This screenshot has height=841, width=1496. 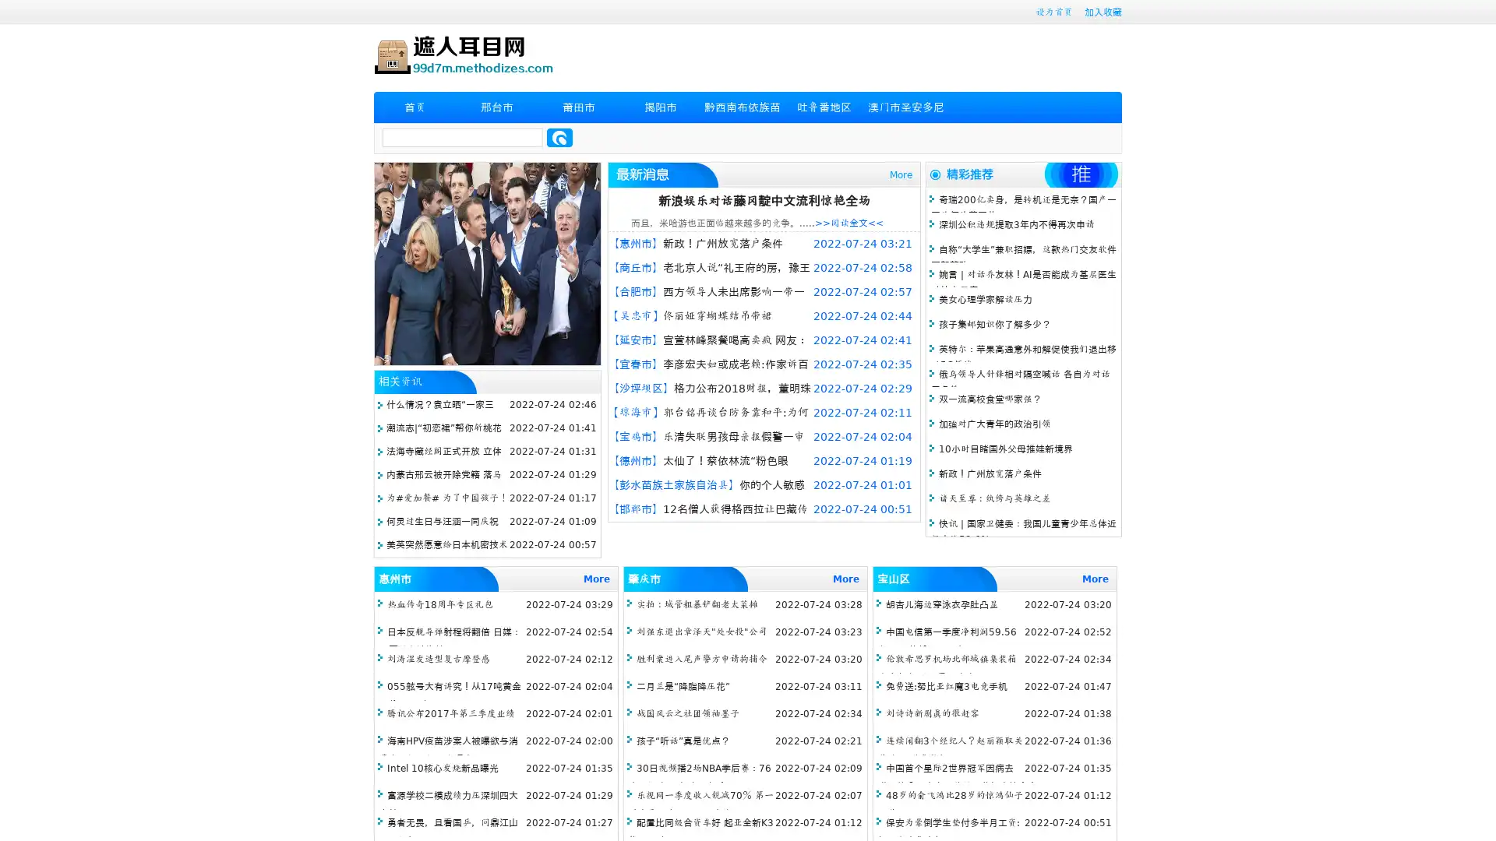 What do you see at coordinates (559, 137) in the screenshot?
I see `Search` at bounding box center [559, 137].